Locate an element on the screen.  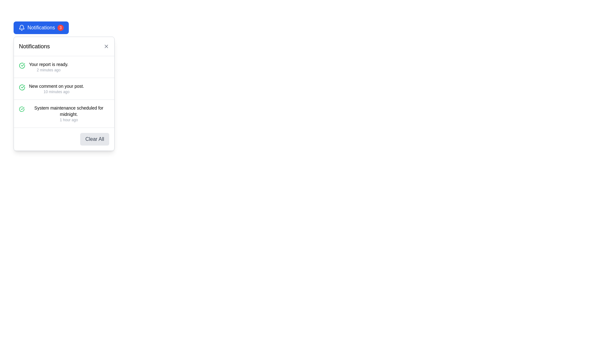
the first notification item in the notification panel that contains a green check icon and the text 'Your report is ready.' is located at coordinates (64, 67).